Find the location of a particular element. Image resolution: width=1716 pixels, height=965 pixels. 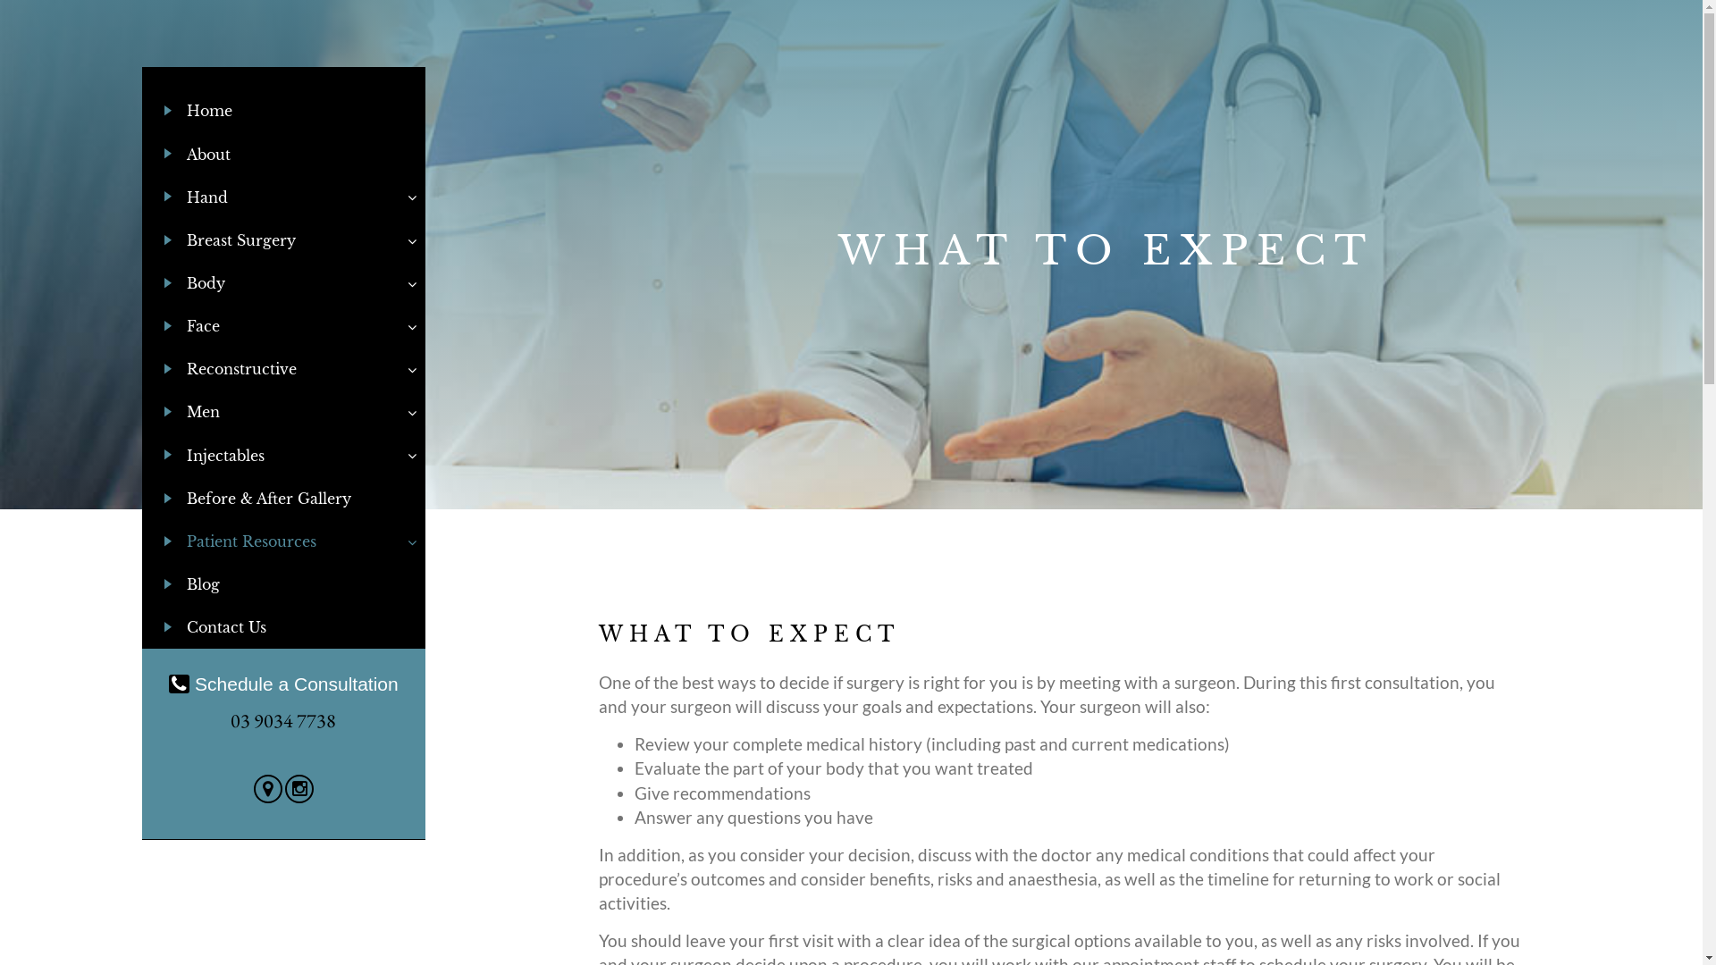

'Contact Us' is located at coordinates (282, 626).